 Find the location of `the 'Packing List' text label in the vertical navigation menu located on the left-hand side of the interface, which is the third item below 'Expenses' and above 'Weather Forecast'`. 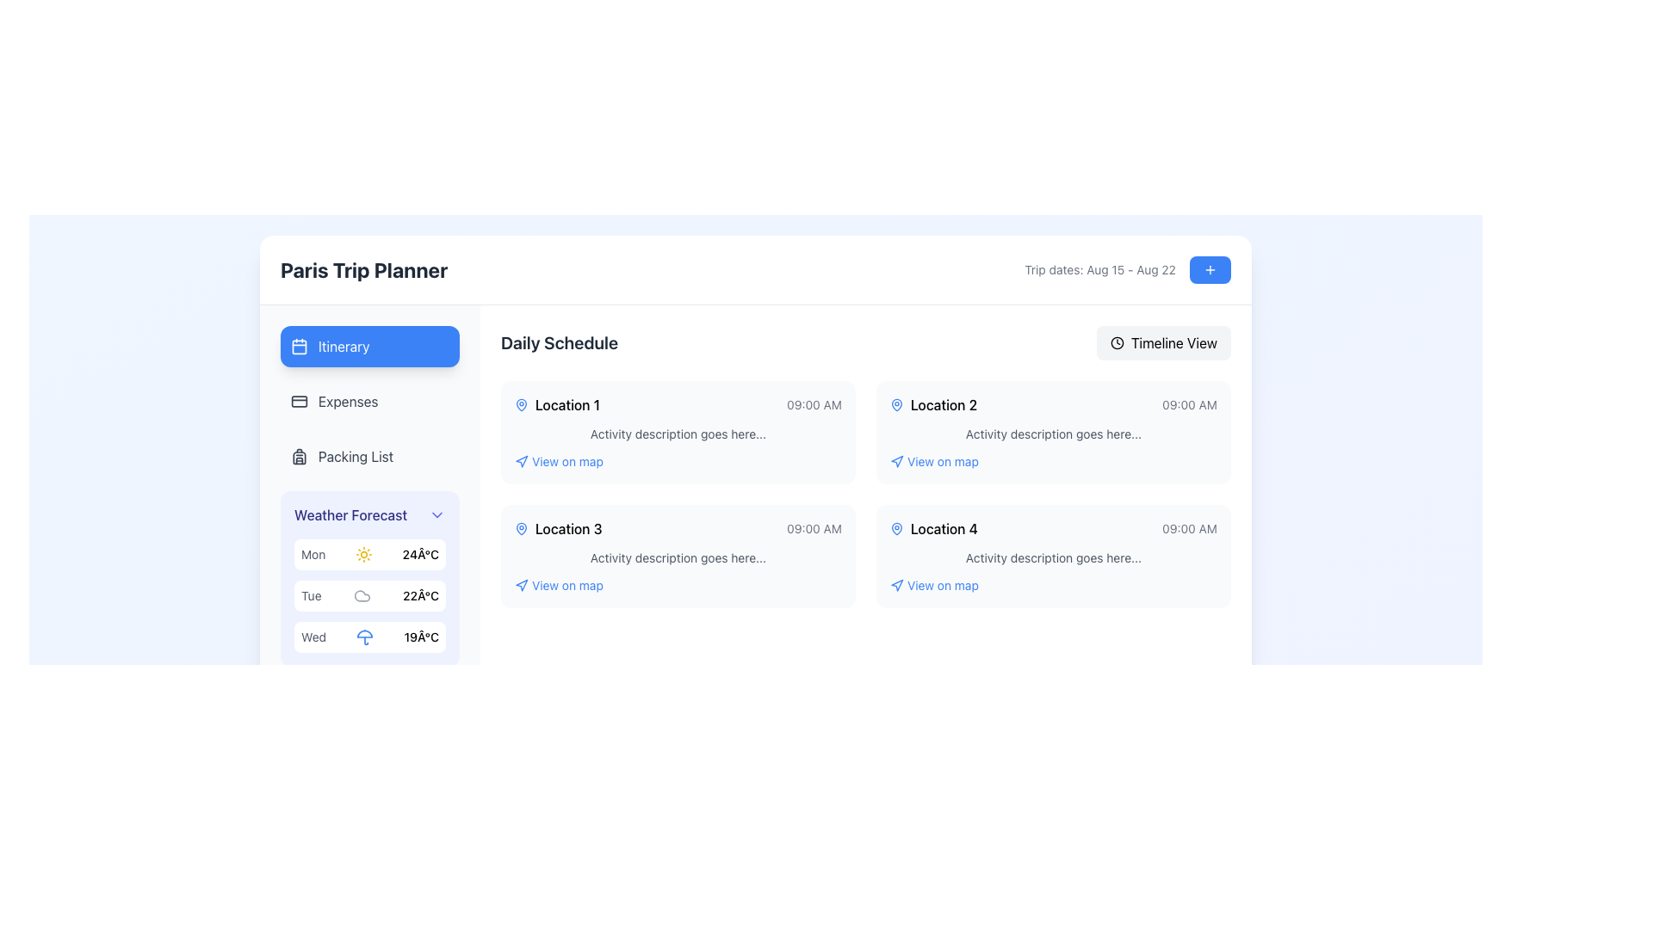

the 'Packing List' text label in the vertical navigation menu located on the left-hand side of the interface, which is the third item below 'Expenses' and above 'Weather Forecast' is located at coordinates (355, 456).